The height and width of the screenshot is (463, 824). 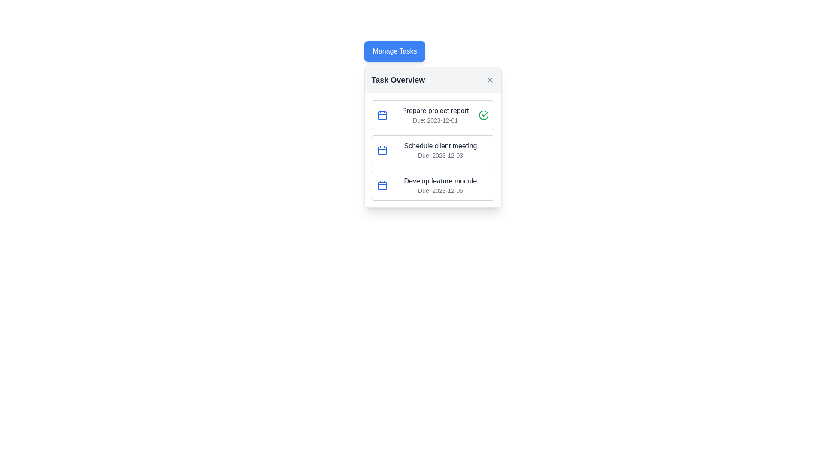 I want to click on the calendar icon with a blue outline and white background, located to the left of the text 'Schedule client meeting Due: 2023-12-03' in the 'Task Overview' section, so click(x=382, y=150).